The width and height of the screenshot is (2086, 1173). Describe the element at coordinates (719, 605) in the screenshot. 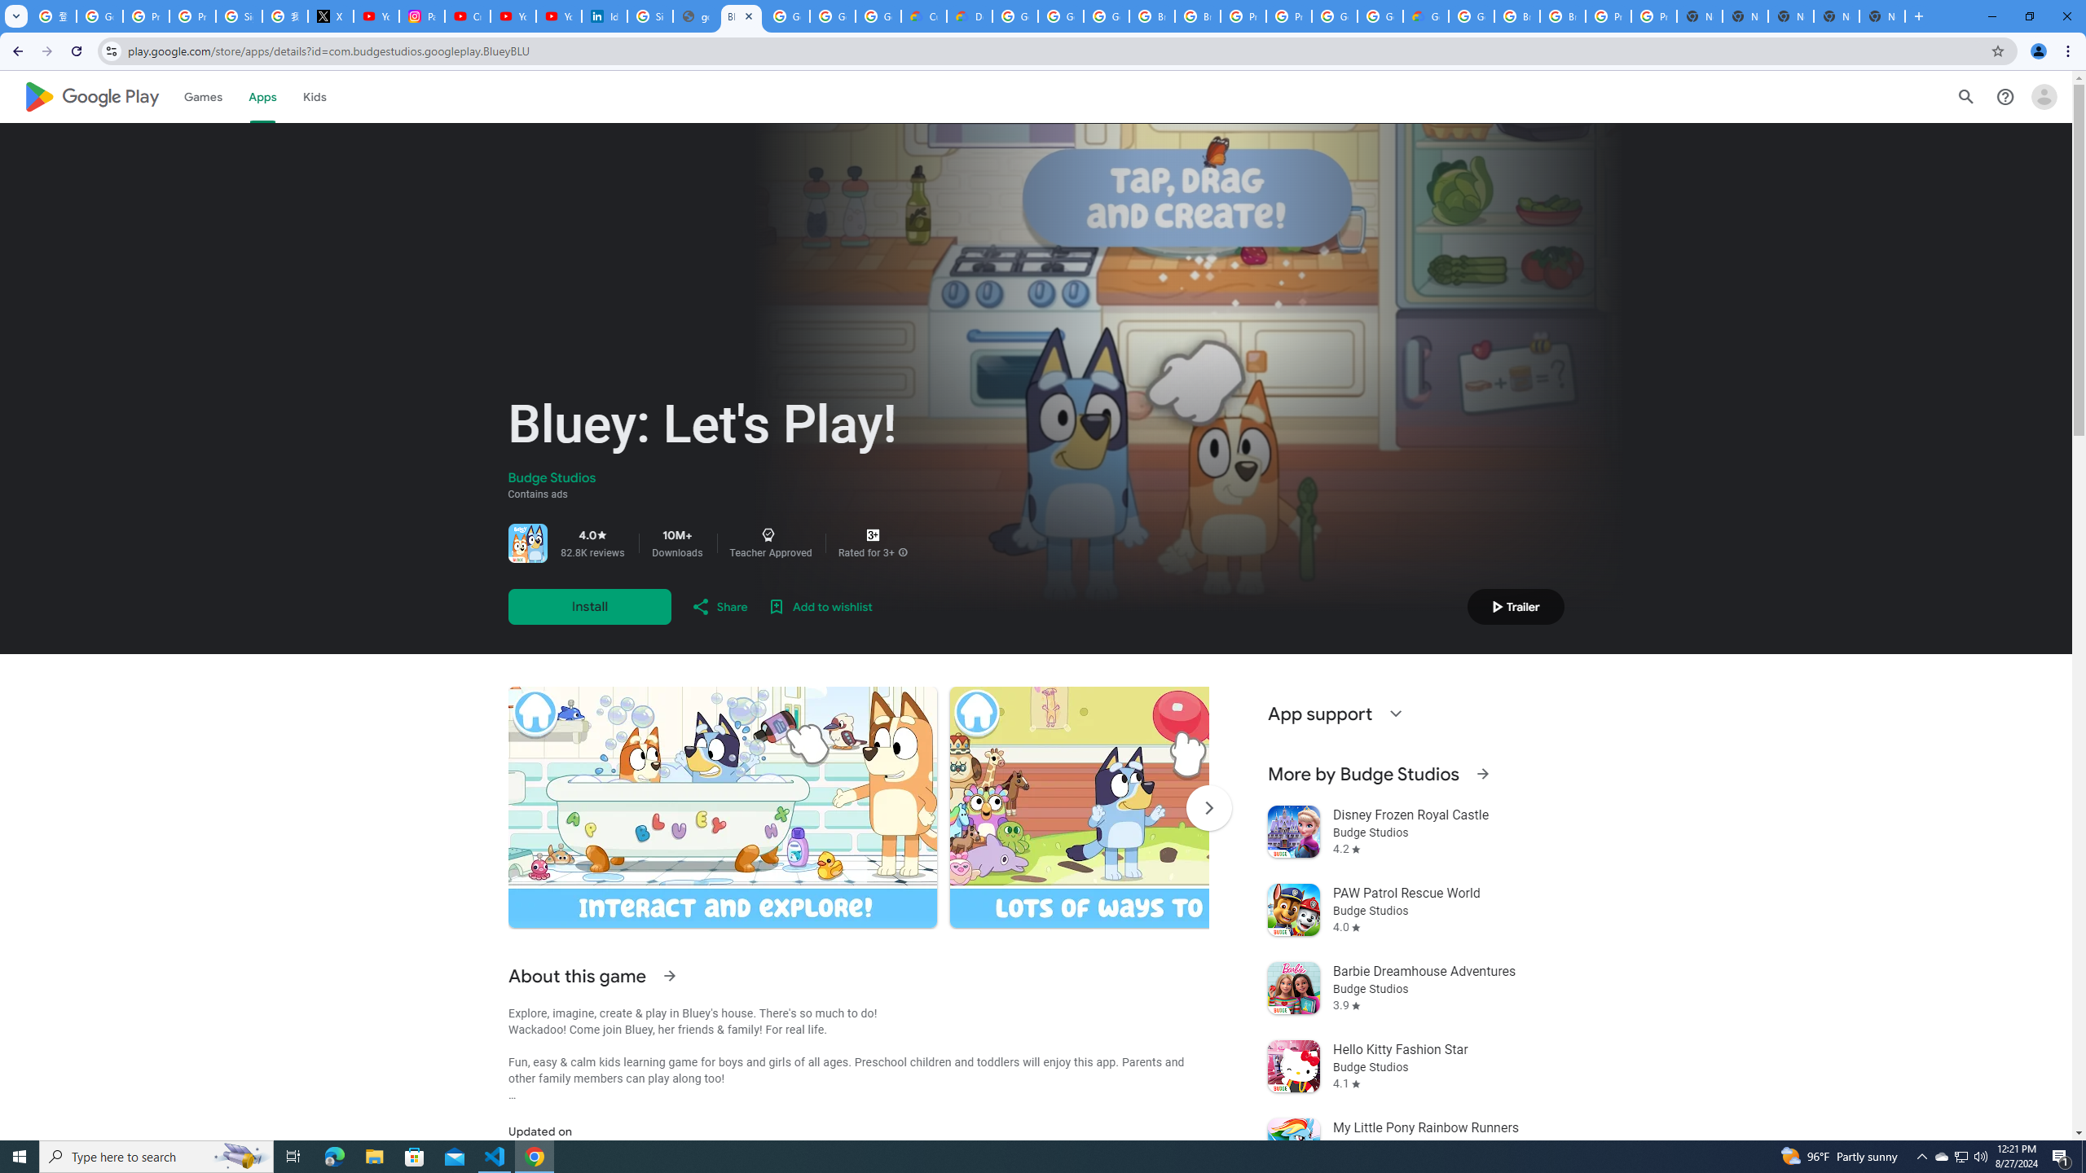

I see `'Share'` at that location.